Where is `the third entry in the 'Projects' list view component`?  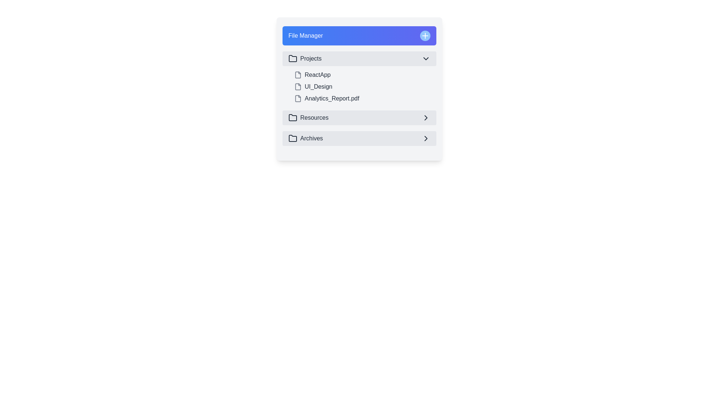
the third entry in the 'Projects' list view component is located at coordinates (359, 98).